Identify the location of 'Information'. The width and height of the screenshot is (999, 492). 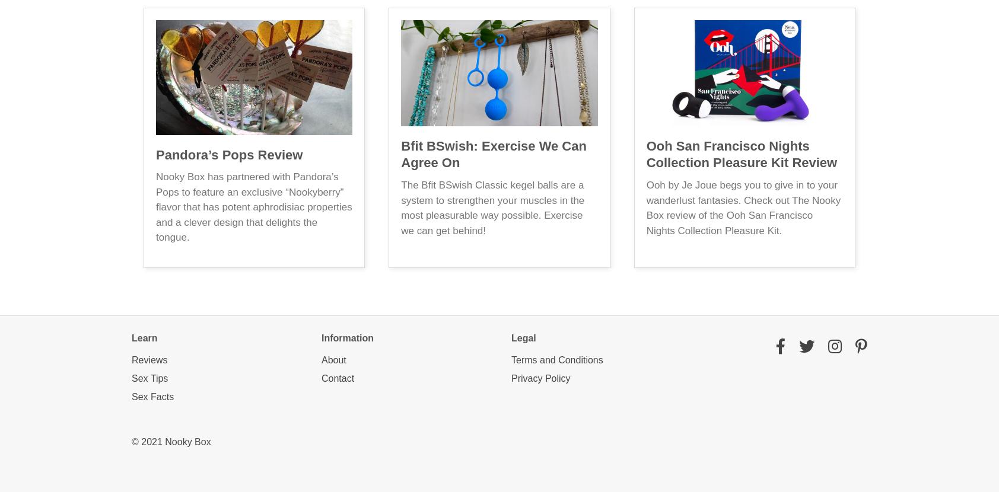
(347, 337).